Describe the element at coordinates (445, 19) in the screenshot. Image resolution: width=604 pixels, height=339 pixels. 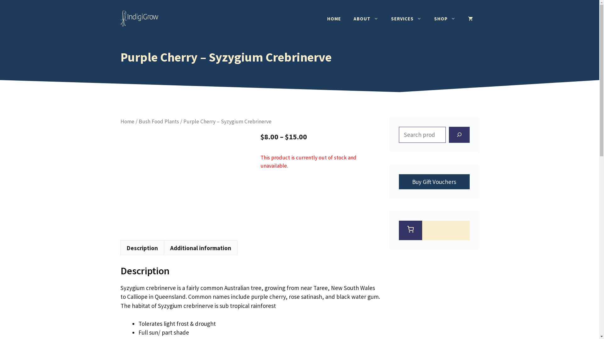
I see `'SHOP'` at that location.